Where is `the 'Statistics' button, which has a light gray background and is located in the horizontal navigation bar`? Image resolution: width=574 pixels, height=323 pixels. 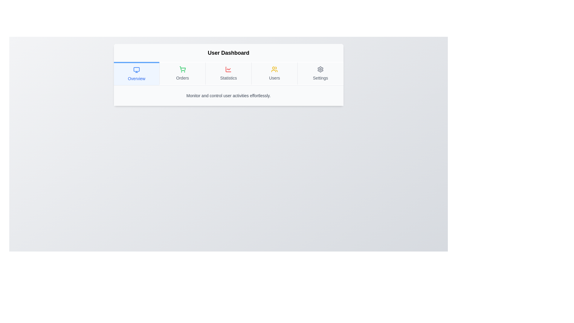 the 'Statistics' button, which has a light gray background and is located in the horizontal navigation bar is located at coordinates (228, 73).